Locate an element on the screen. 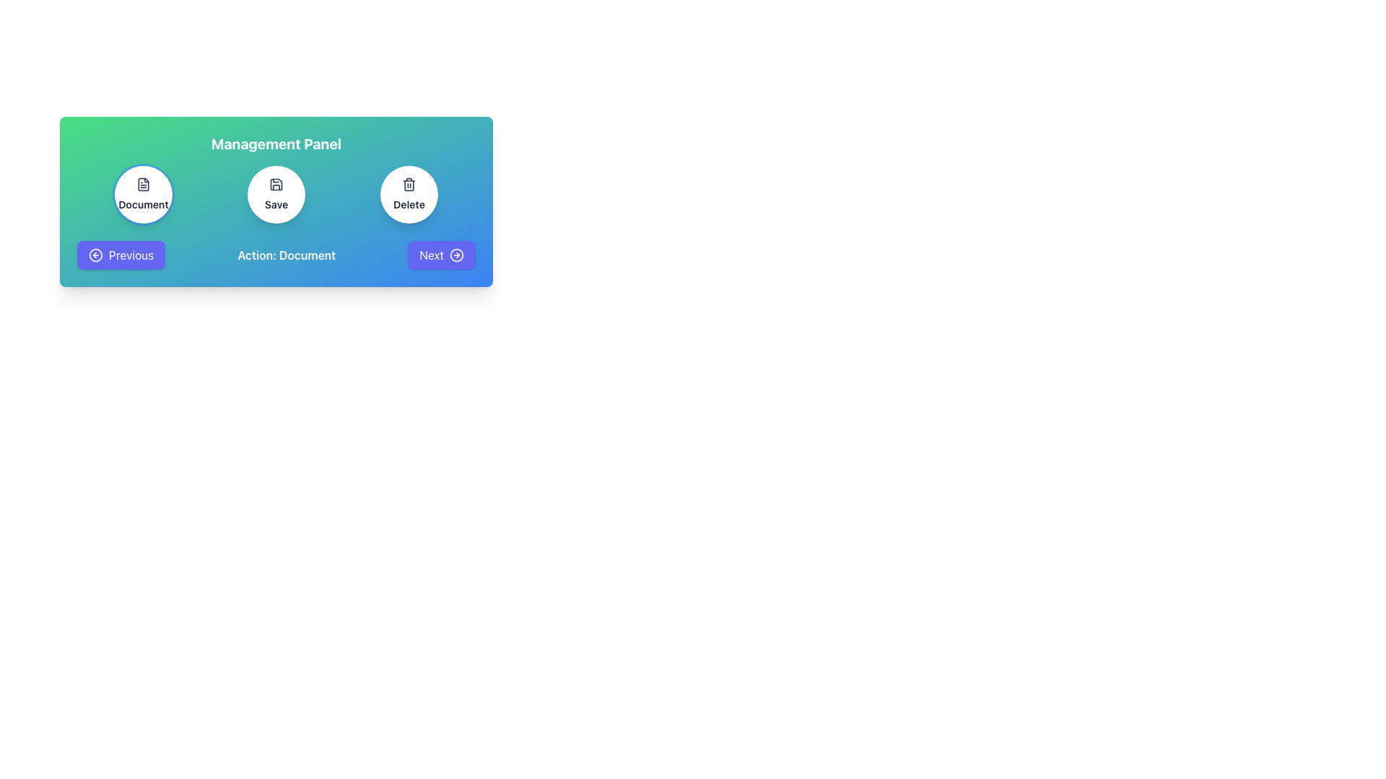 The width and height of the screenshot is (1386, 779). the save icon within the central 'Save' button is located at coordinates (276, 183).